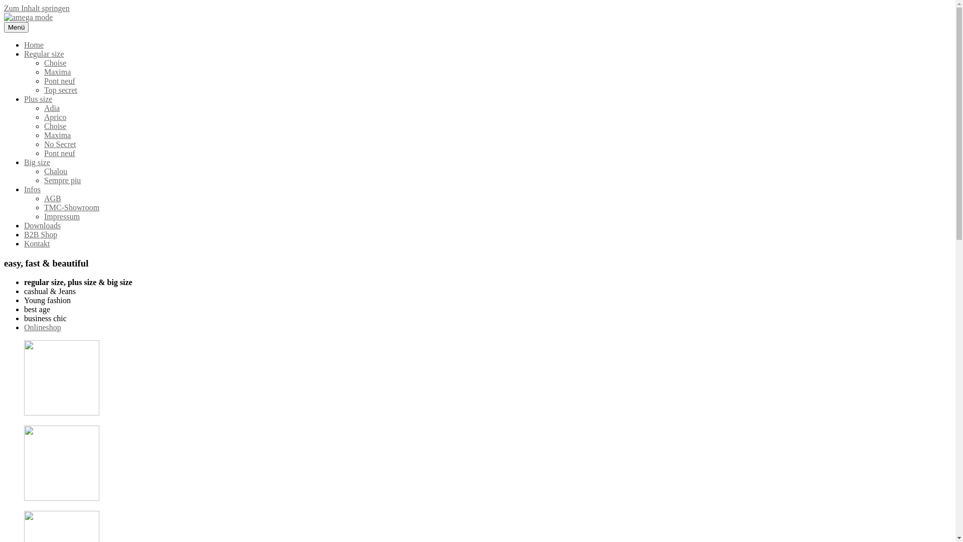  I want to click on 'Regular size', so click(43, 54).